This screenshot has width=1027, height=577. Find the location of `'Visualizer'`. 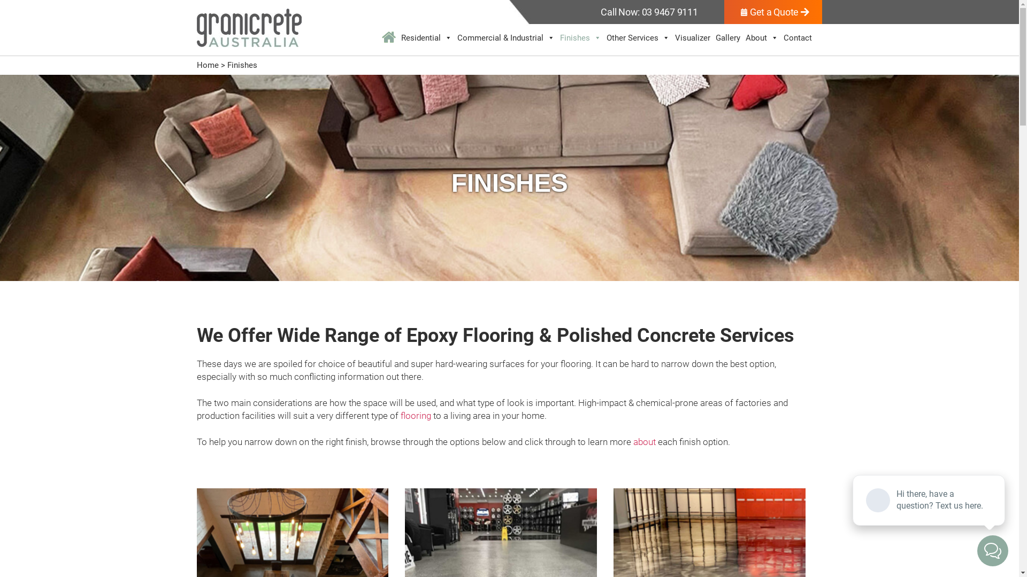

'Visualizer' is located at coordinates (672, 37).